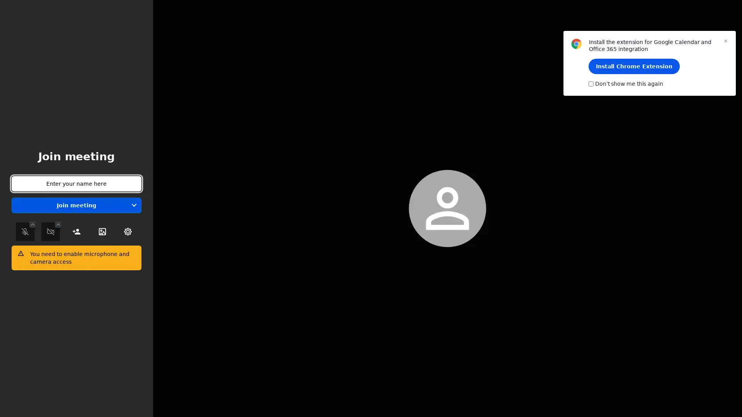  What do you see at coordinates (634, 66) in the screenshot?
I see `Install Chrome Extension` at bounding box center [634, 66].